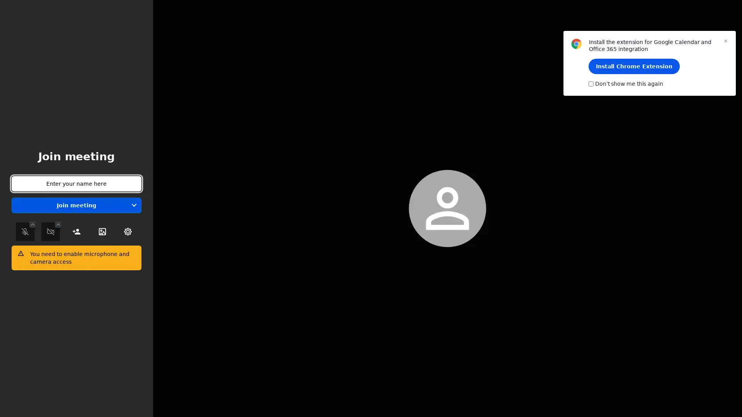  What do you see at coordinates (634, 66) in the screenshot?
I see `Install Chrome Extension` at bounding box center [634, 66].